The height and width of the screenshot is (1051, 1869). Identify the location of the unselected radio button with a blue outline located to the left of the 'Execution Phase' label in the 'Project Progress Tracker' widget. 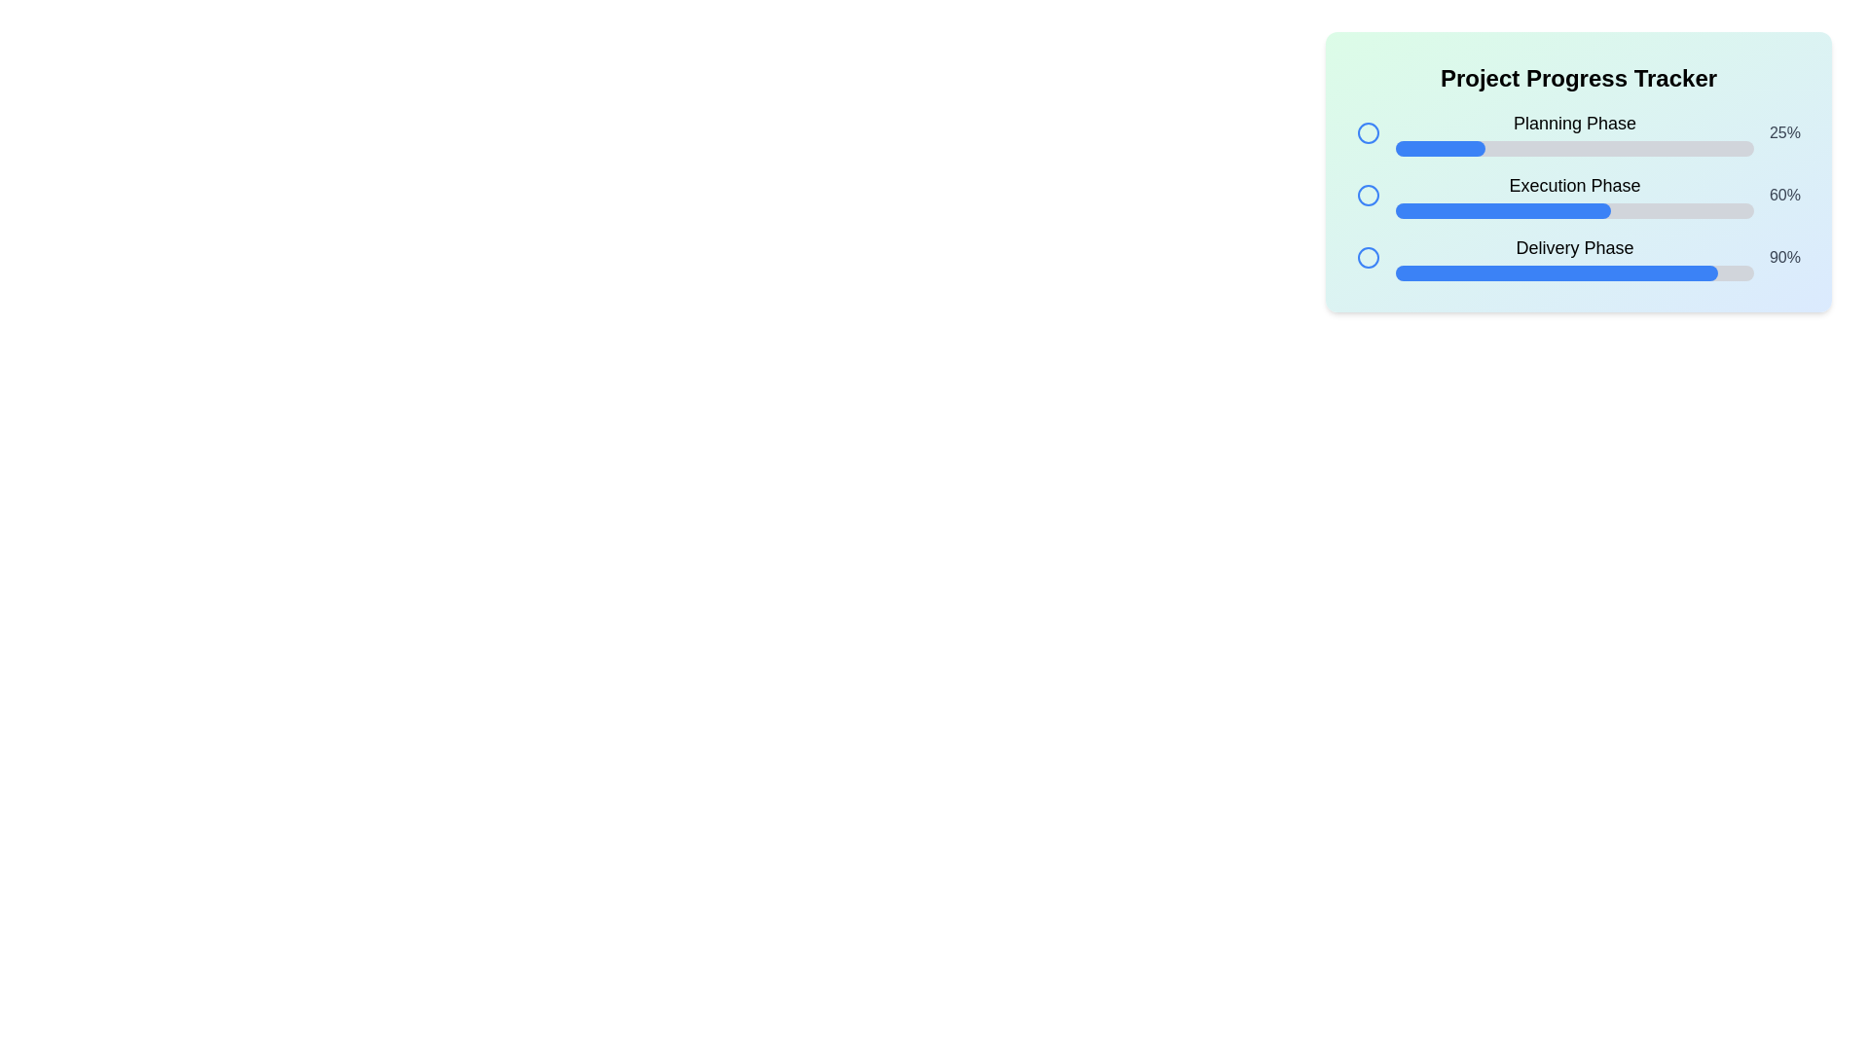
(1368, 195).